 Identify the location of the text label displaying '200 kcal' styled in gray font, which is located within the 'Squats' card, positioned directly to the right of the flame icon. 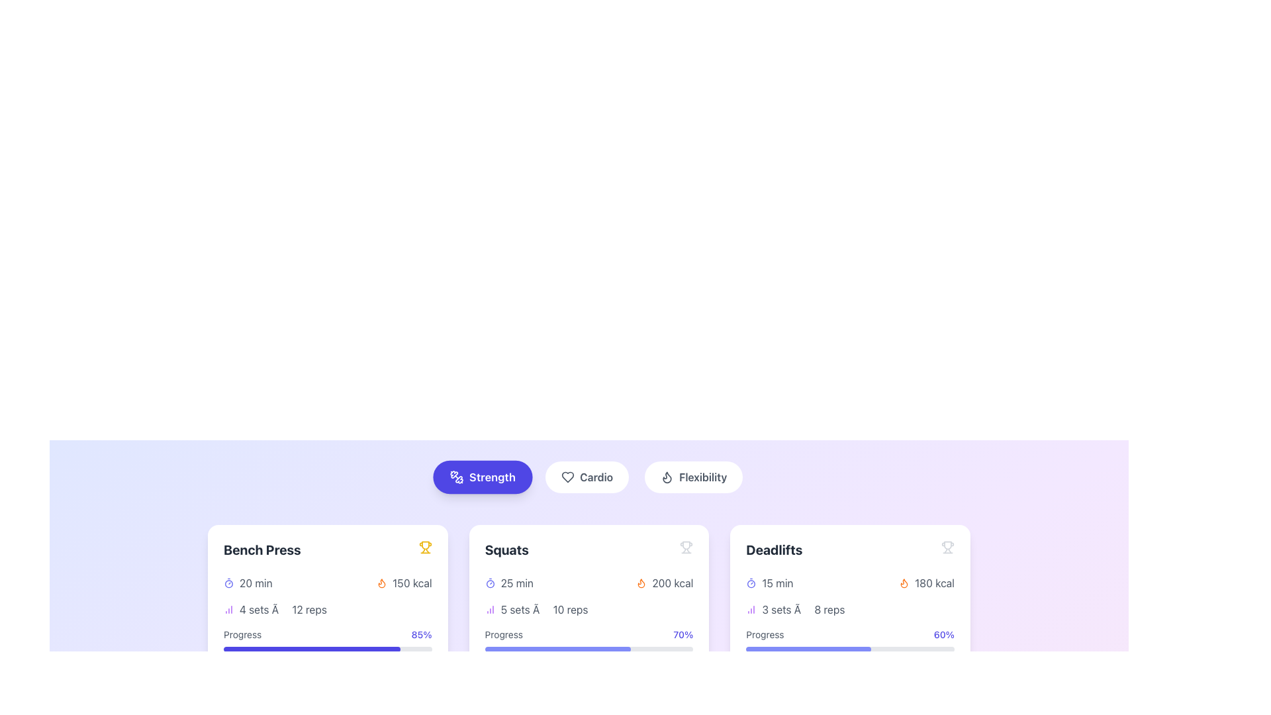
(673, 582).